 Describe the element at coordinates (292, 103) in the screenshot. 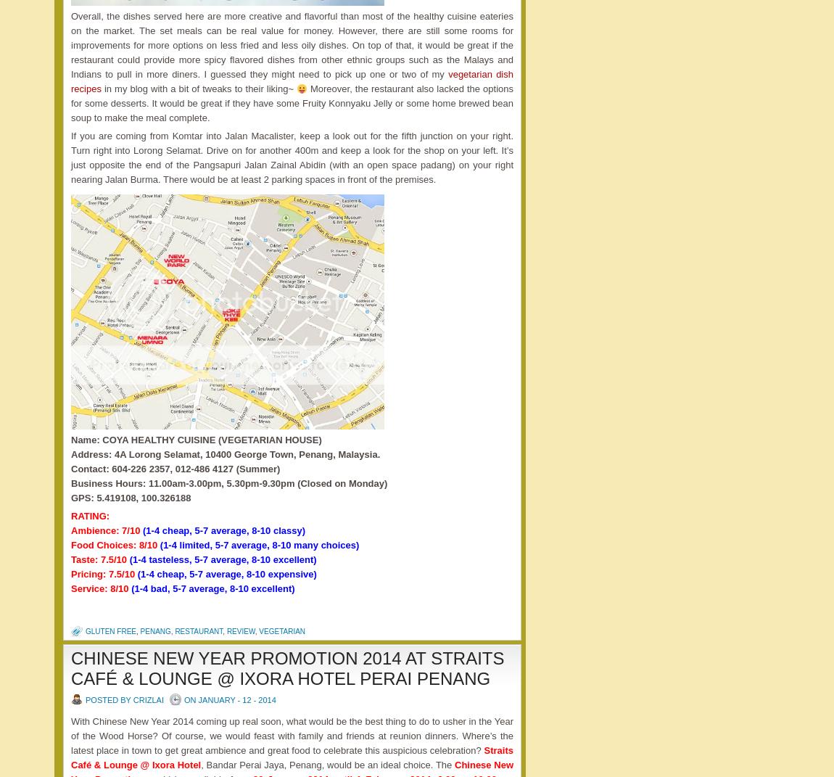

I see `'Moreover, the restaurant also lacked the options for some desserts. It would be great if they have some Fruity Konnyaku Jelly or some home brewed bean soup to make the meal complete.'` at that location.